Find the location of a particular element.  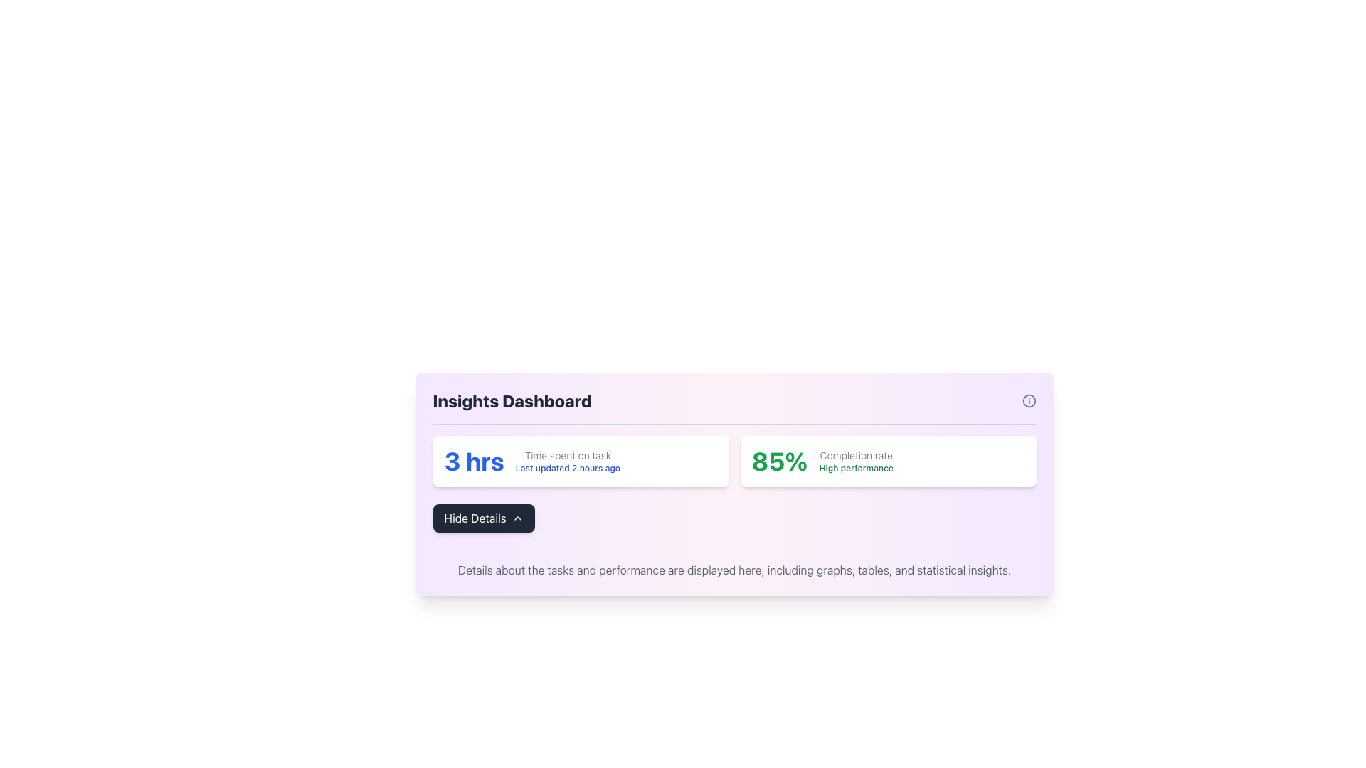

the visual state of the collapse/hide icon located at the far right of the 'Hide Details' button below the main statistical cards is located at coordinates (517, 518).